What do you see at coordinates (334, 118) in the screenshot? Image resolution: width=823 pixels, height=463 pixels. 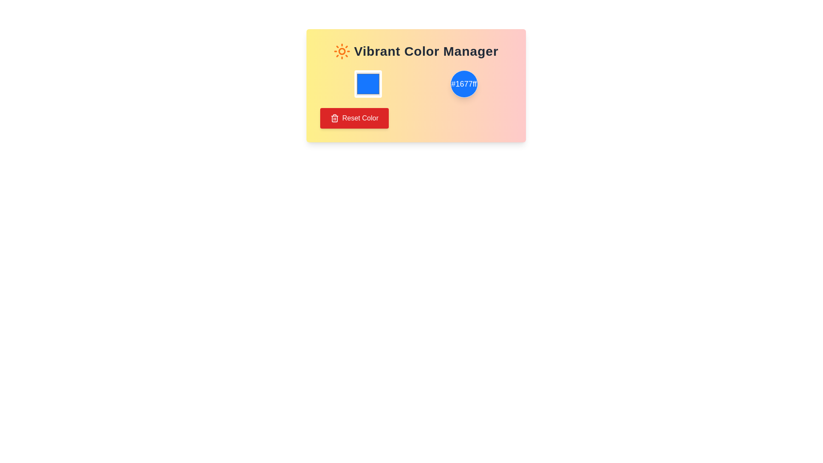 I see `the trash can icon inside the 'Reset Color' button to reset the color to its default state` at bounding box center [334, 118].